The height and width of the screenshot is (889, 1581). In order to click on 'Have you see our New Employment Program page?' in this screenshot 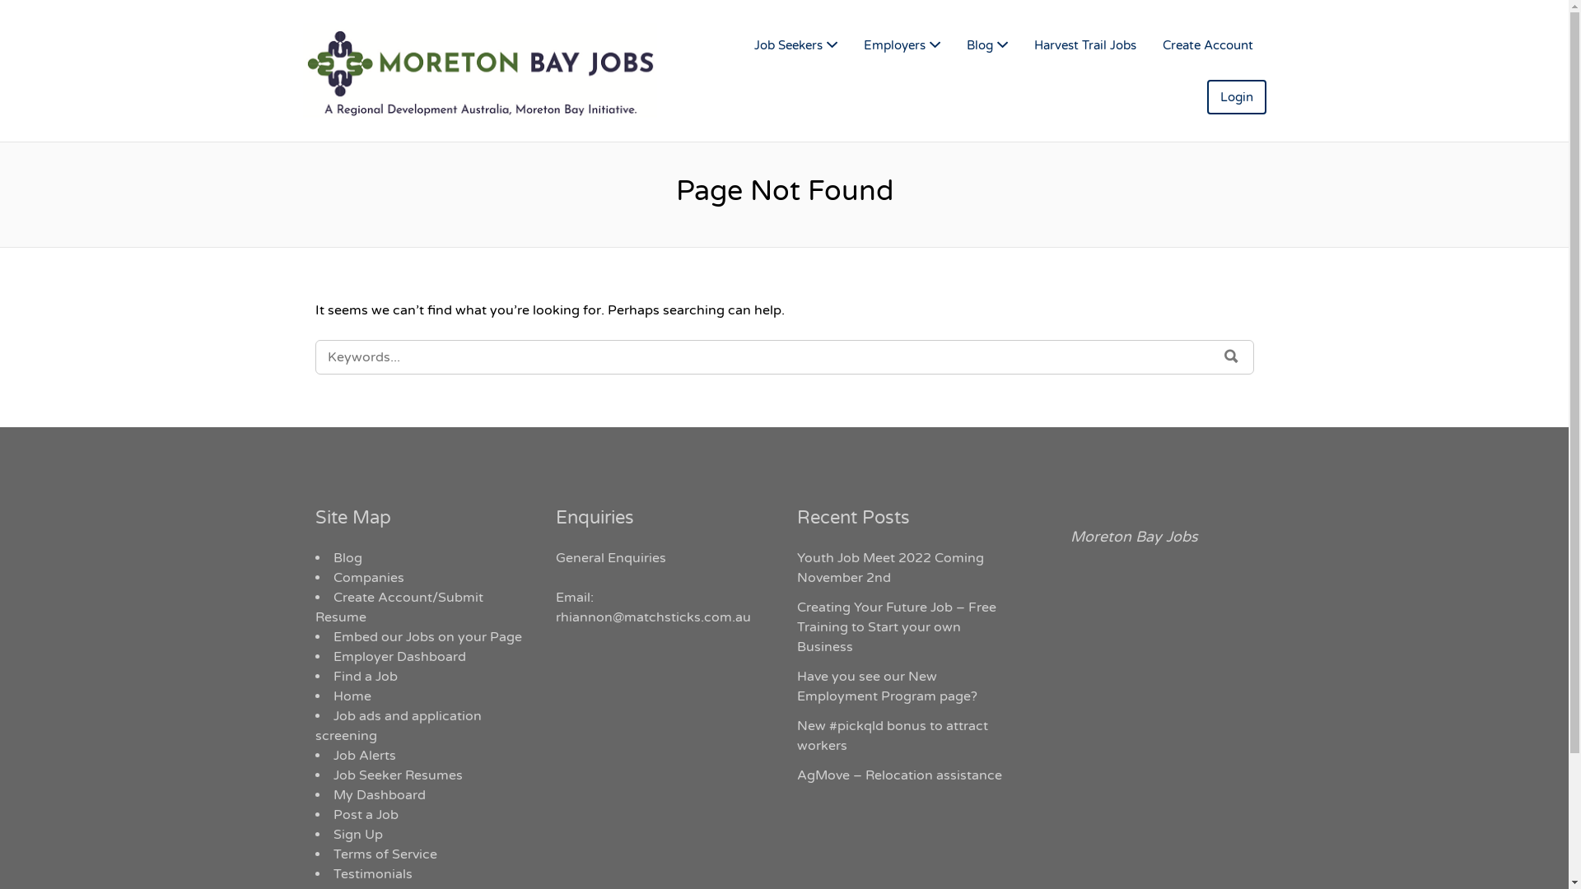, I will do `click(886, 686)`.